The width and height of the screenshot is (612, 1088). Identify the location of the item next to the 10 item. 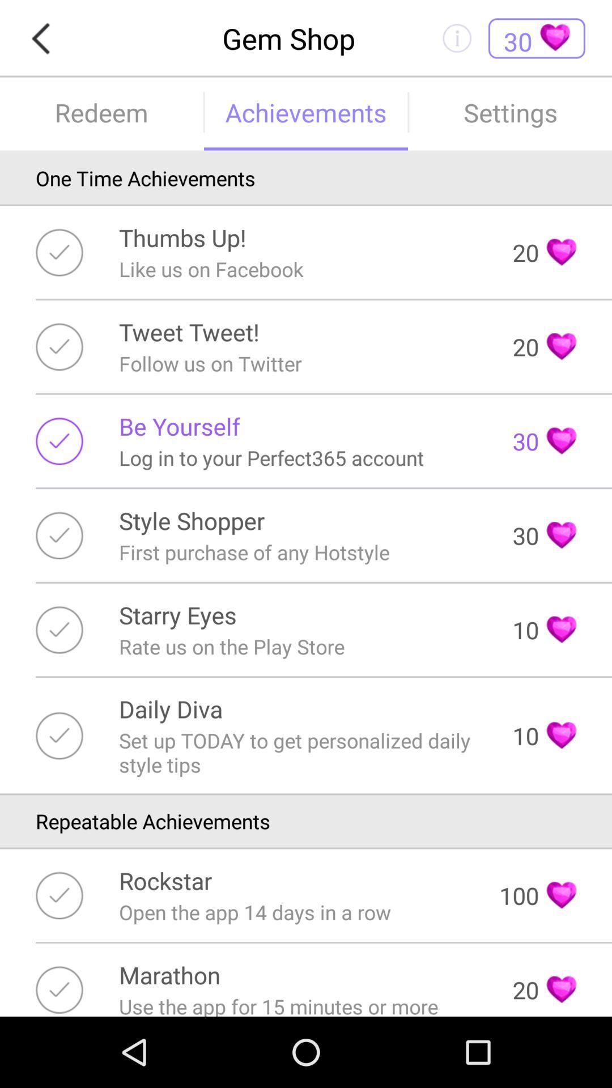
(300, 753).